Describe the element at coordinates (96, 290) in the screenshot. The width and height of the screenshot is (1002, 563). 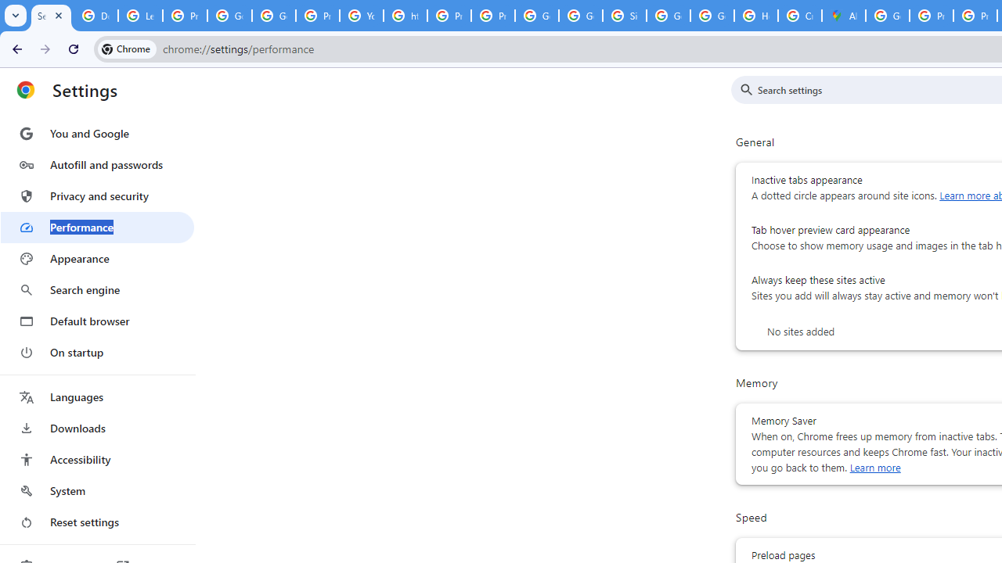
I see `'Search engine'` at that location.